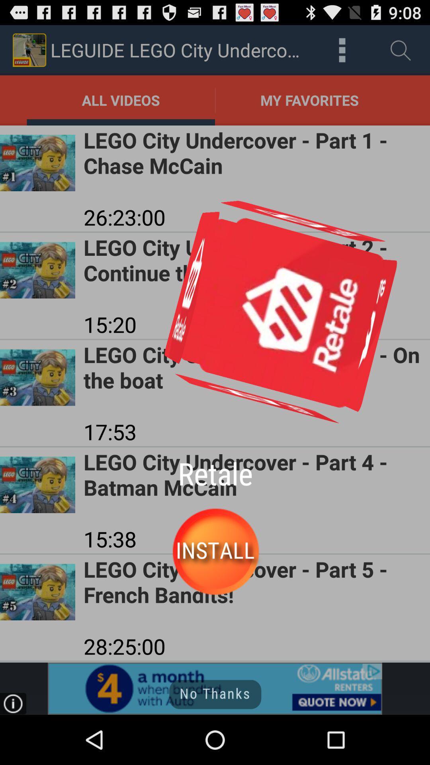 The width and height of the screenshot is (430, 765). What do you see at coordinates (215, 688) in the screenshot?
I see `learn about this product` at bounding box center [215, 688].